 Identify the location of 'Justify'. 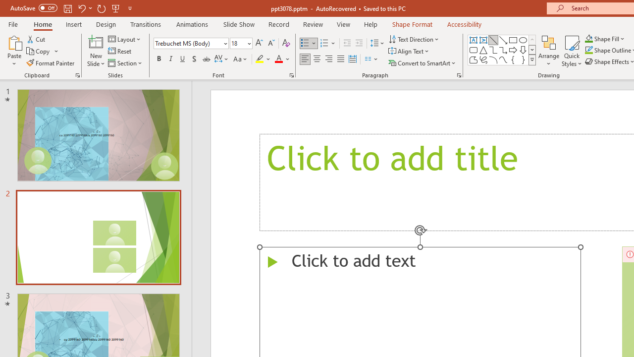
(341, 59).